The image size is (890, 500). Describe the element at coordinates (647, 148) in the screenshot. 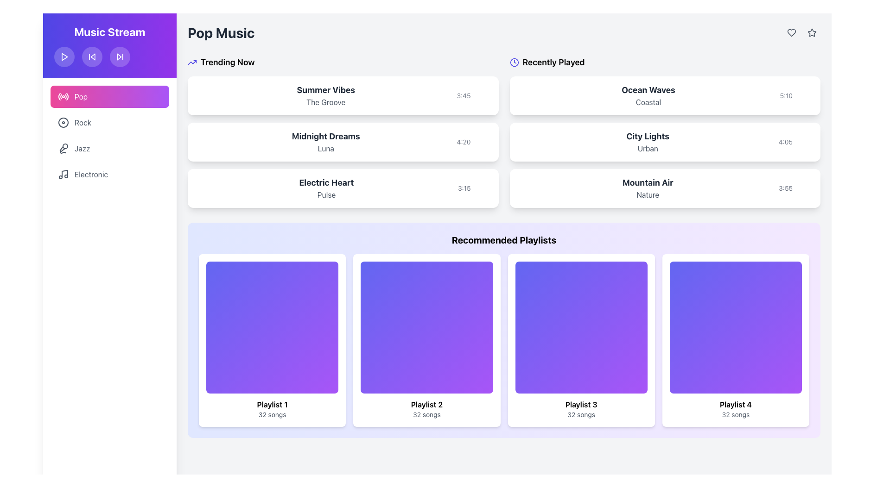

I see `the descriptive text label located below the title 'City Lights' in the 'Recently Played' section, specifically in the third card from the top in the right column` at that location.